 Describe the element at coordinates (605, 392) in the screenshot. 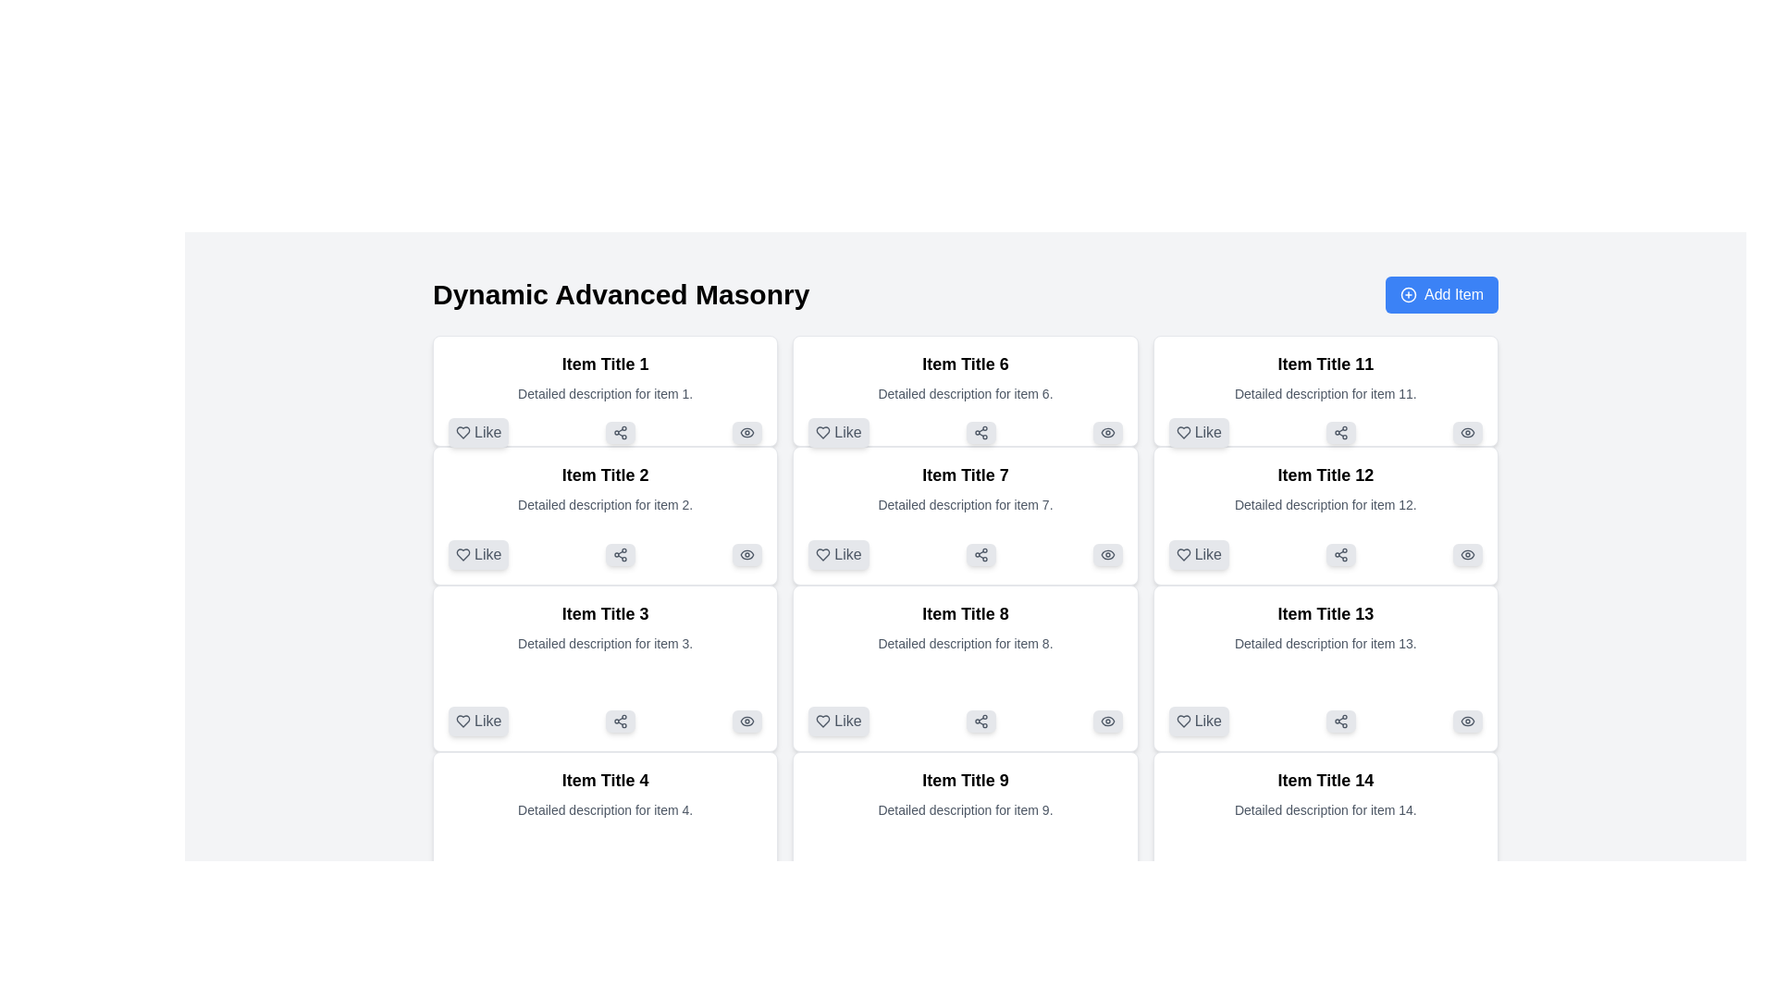

I see `the text content that provides additional information related to 'Item Title 1', located directly underneath it in the first card of the grid layout` at that location.